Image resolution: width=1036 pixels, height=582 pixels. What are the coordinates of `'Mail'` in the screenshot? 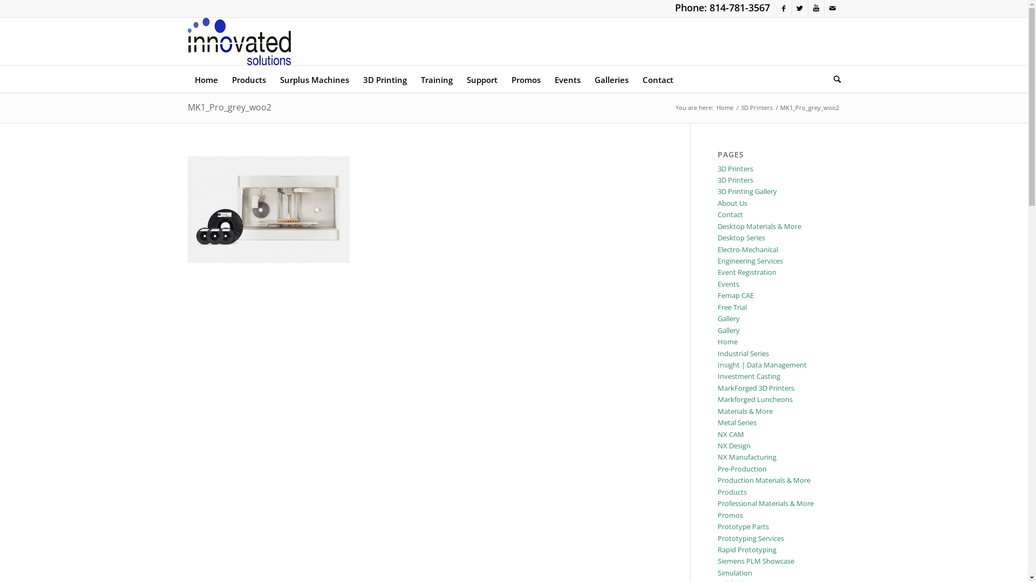 It's located at (831, 8).